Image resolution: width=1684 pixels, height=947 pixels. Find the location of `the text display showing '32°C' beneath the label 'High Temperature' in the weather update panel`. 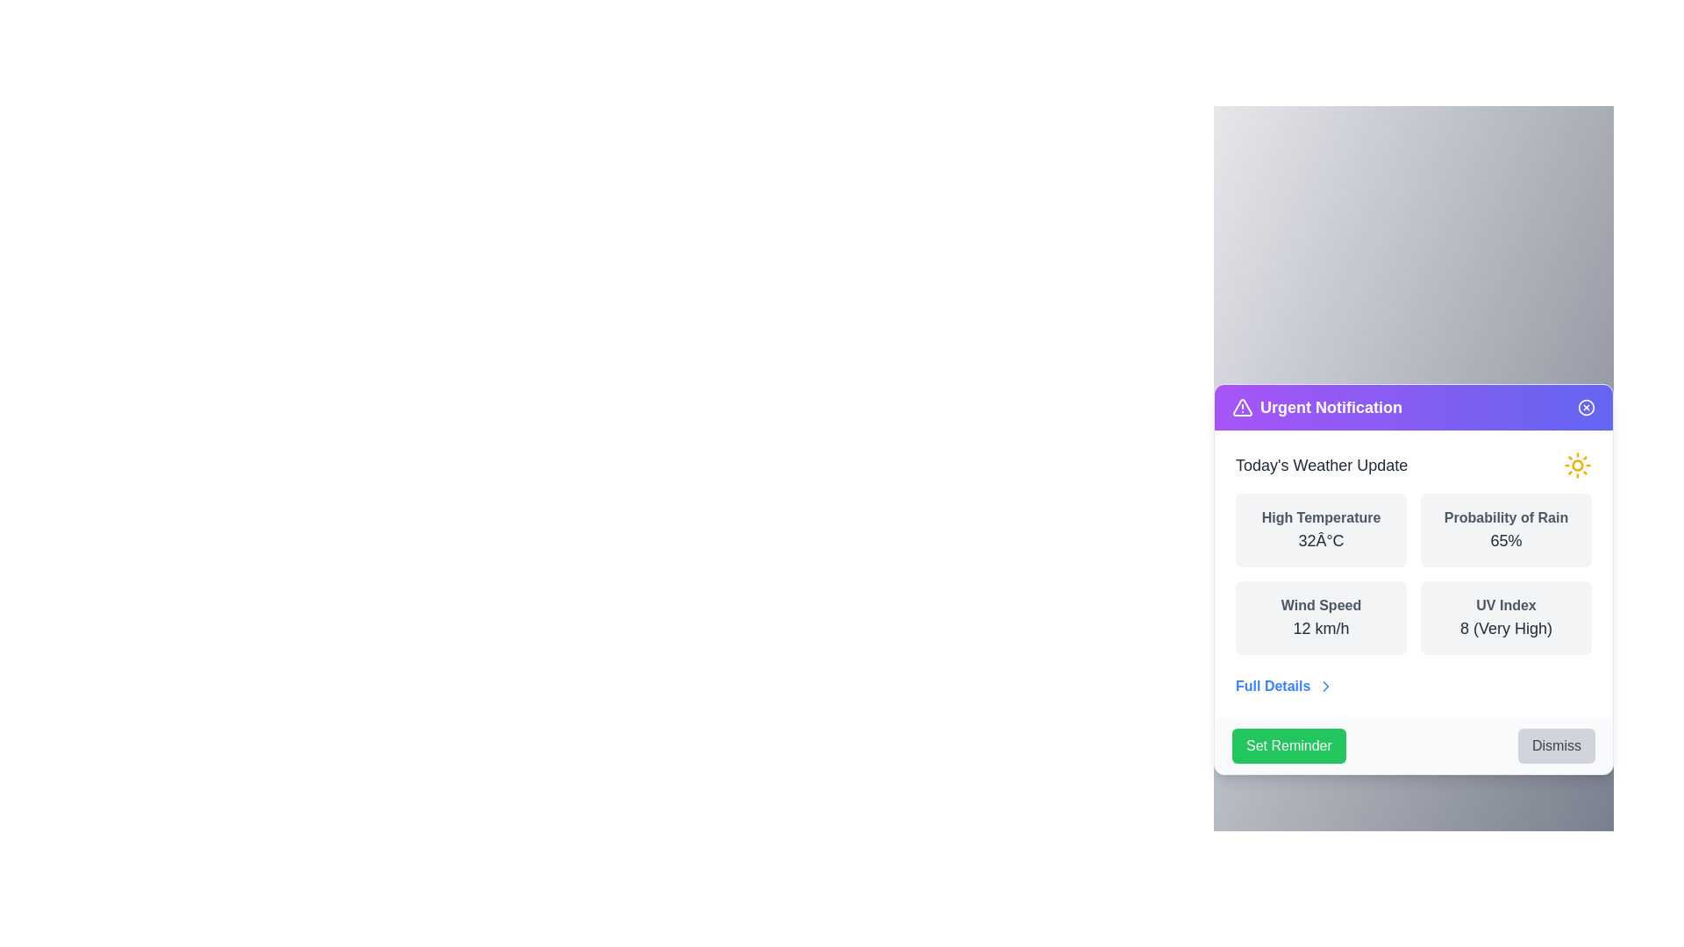

the text display showing '32°C' beneath the label 'High Temperature' in the weather update panel is located at coordinates (1321, 540).